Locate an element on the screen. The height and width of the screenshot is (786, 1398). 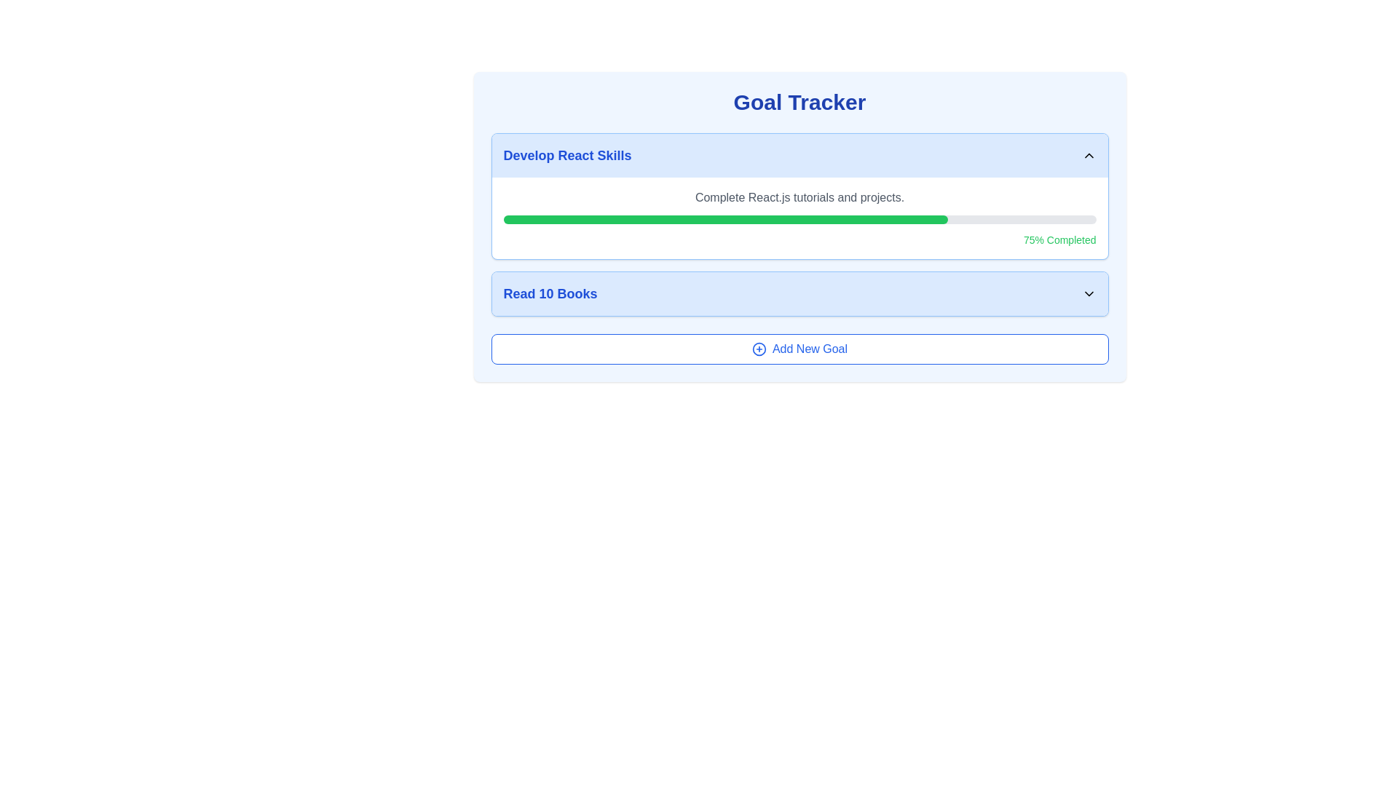
the downward-pointing chevron icon associated with the 'Read 10 Books' section is located at coordinates (1089, 294).